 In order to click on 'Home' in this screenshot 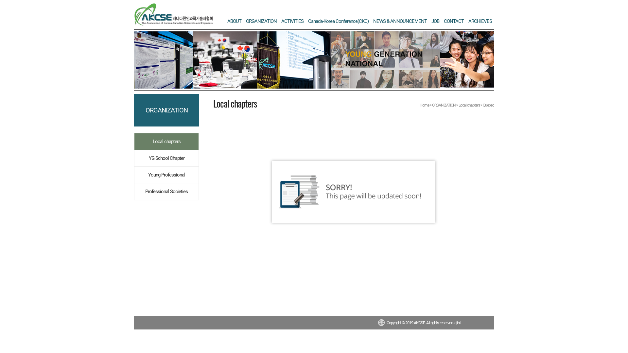, I will do `click(424, 105)`.